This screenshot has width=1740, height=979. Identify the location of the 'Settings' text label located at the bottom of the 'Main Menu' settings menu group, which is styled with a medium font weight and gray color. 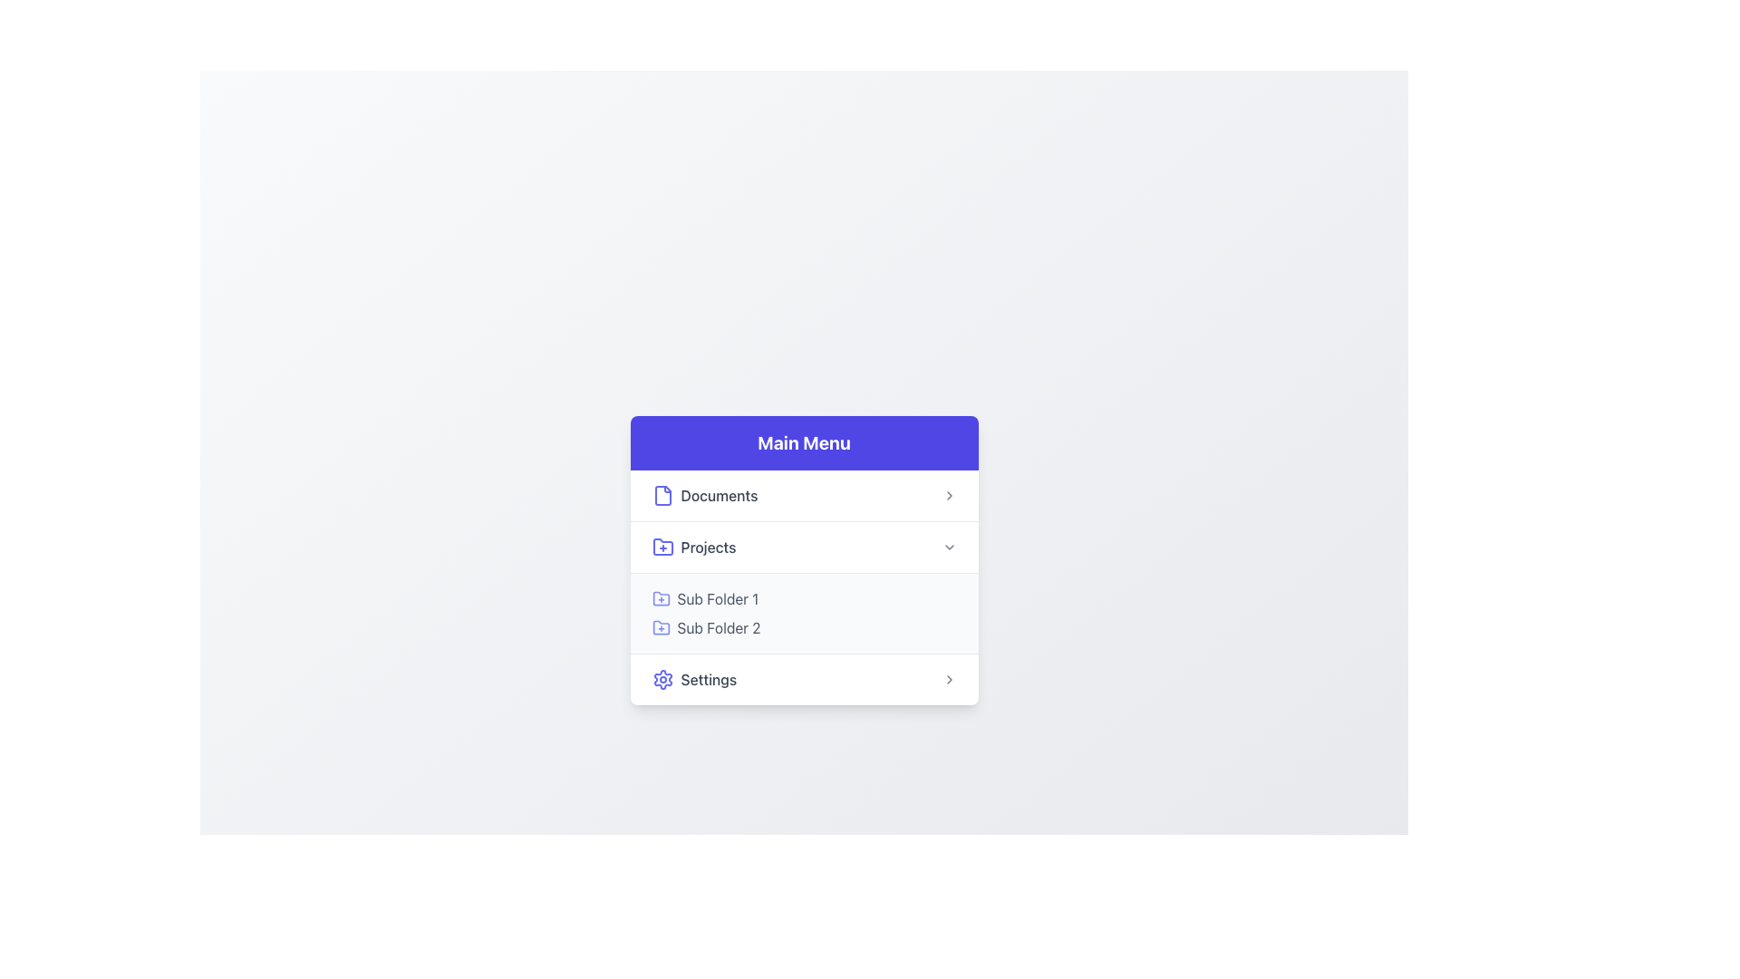
(708, 679).